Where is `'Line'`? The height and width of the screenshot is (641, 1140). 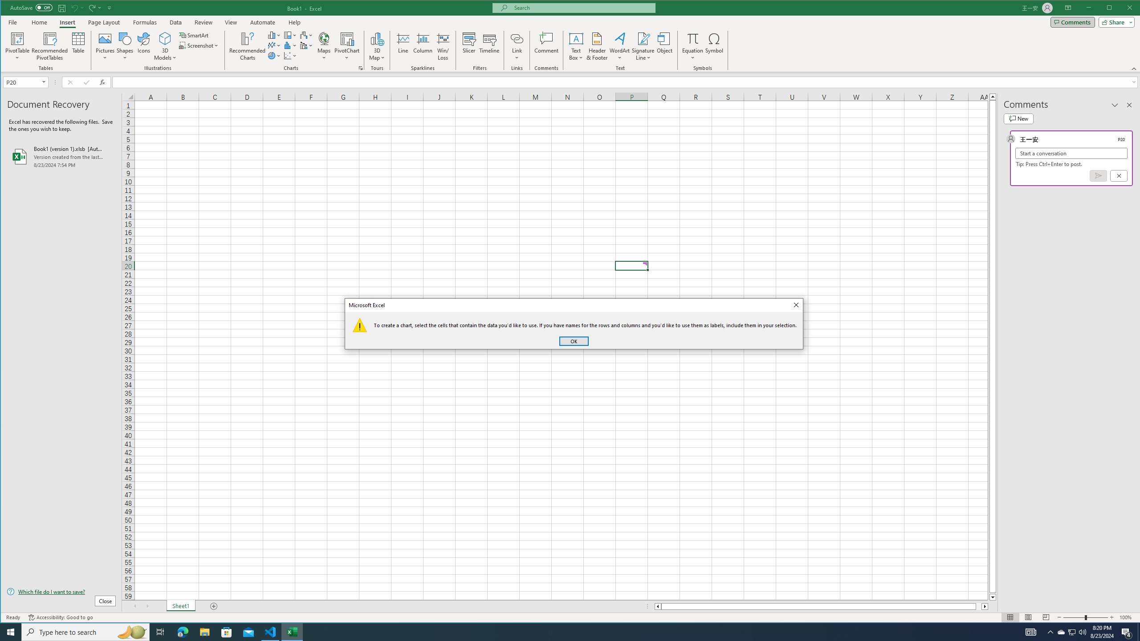 'Line' is located at coordinates (403, 46).